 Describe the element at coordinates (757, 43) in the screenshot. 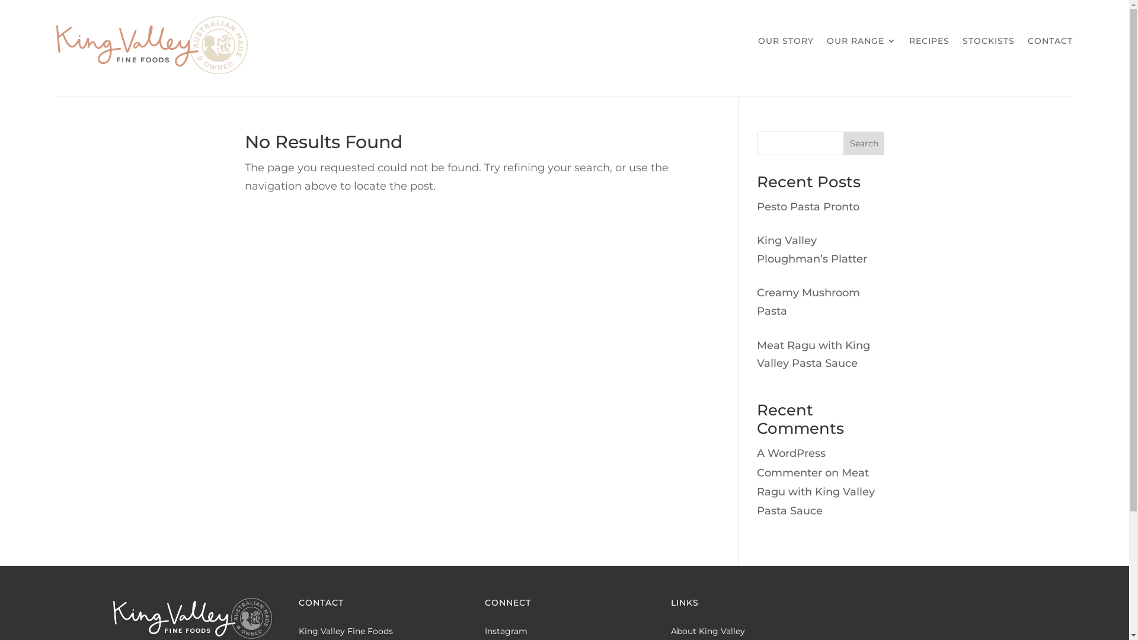

I see `'OUR STORY'` at that location.